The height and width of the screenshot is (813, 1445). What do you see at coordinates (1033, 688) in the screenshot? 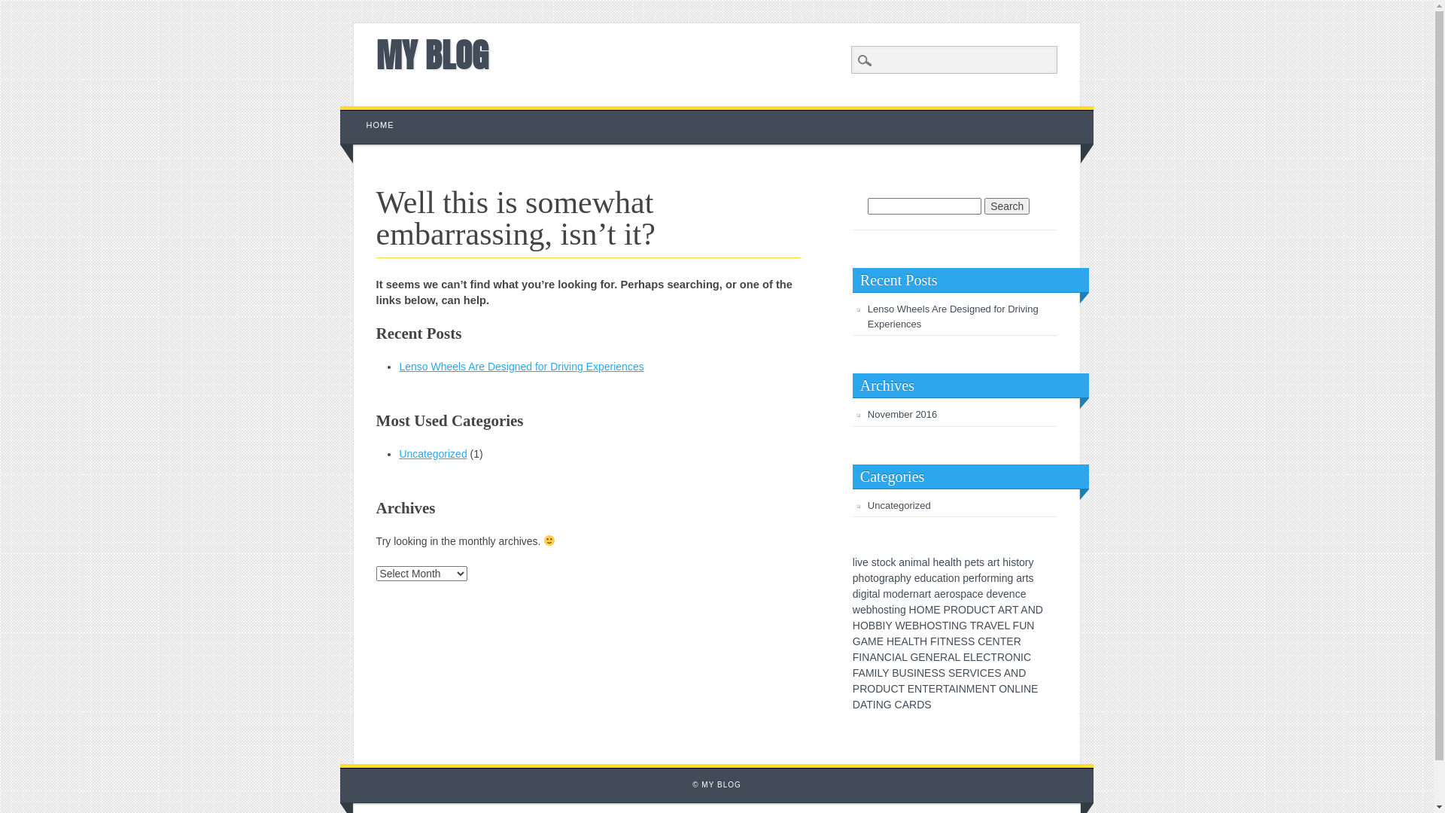
I see `'E'` at bounding box center [1033, 688].